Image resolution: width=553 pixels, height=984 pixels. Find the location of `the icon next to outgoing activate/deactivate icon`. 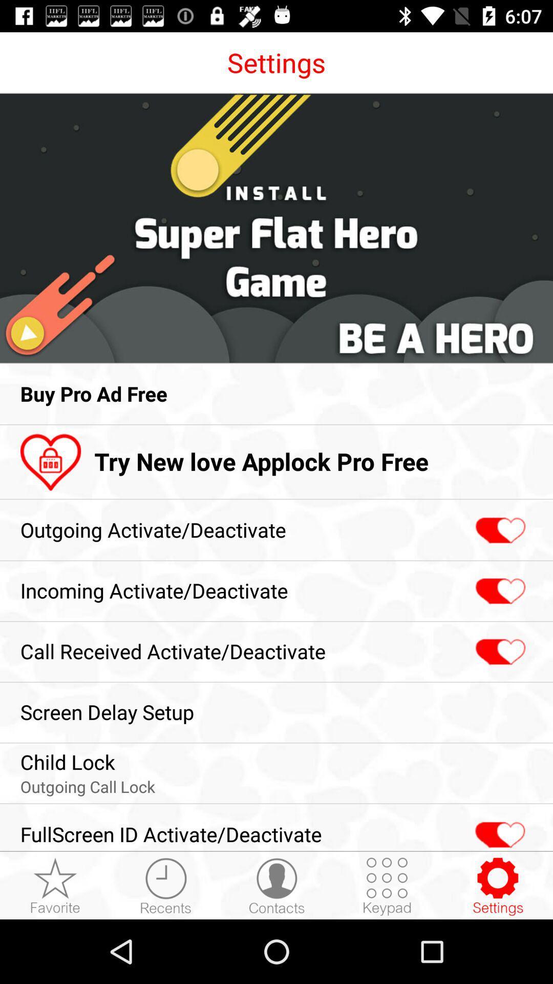

the icon next to outgoing activate/deactivate icon is located at coordinates (499, 530).